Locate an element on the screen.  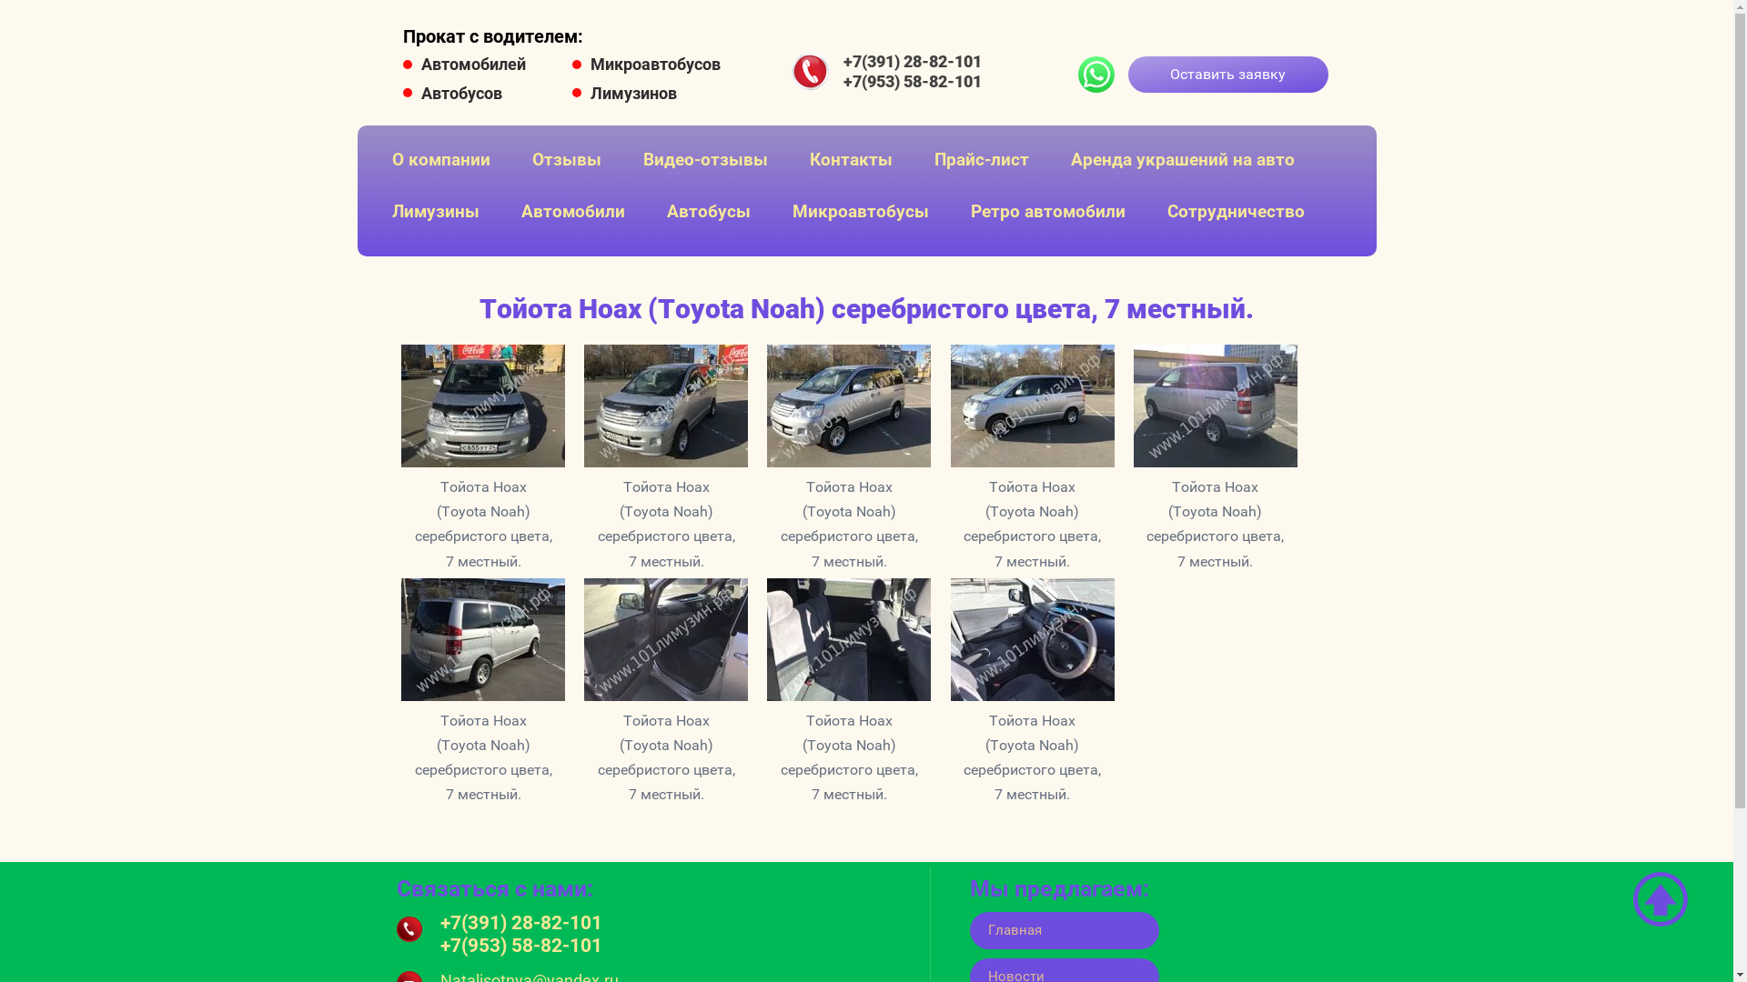
'+7(391) 28-82-101' is located at coordinates (520, 922).